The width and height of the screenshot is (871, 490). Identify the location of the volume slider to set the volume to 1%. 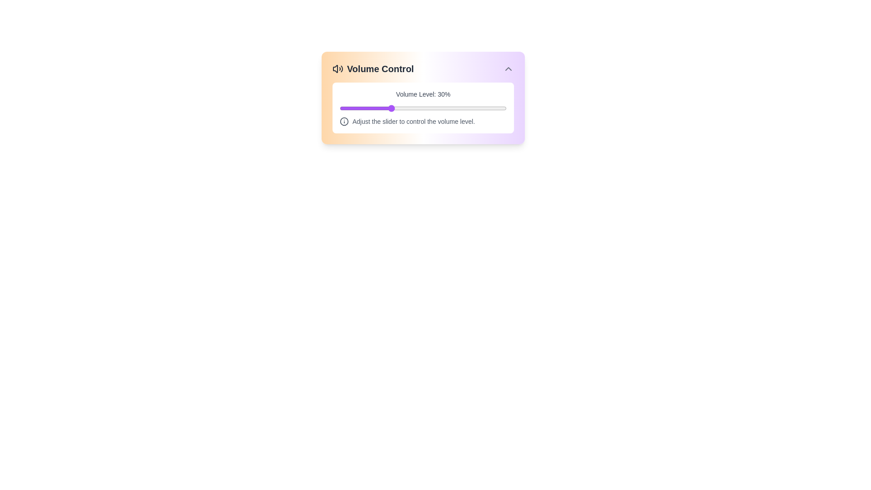
(341, 108).